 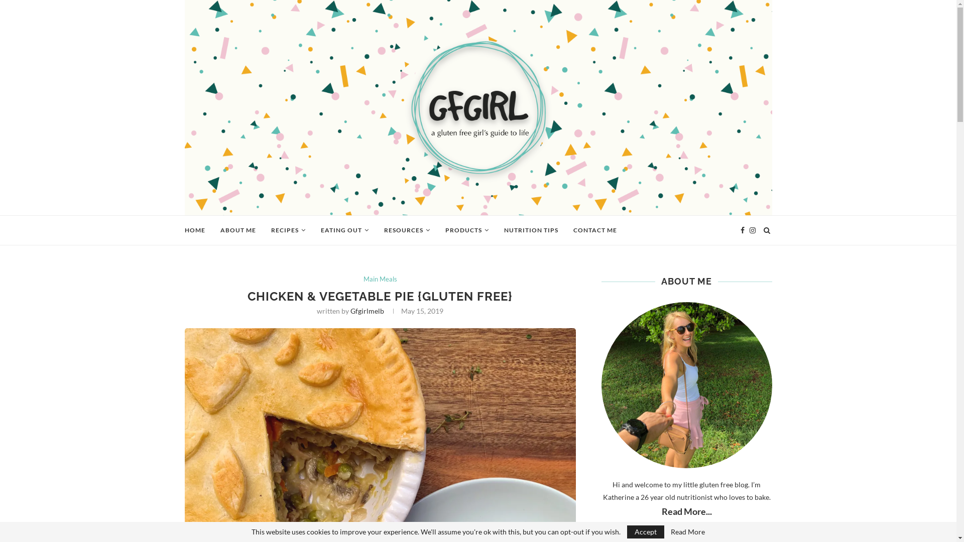 What do you see at coordinates (530, 230) in the screenshot?
I see `'NUTRITION TIPS'` at bounding box center [530, 230].